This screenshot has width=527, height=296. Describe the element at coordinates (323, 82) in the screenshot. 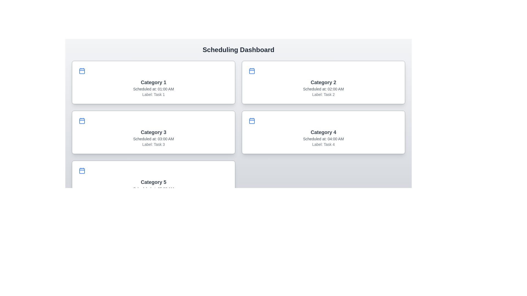

I see `text label that serves as a header for the card located in the upper-right section of the interface, specifically the second card from the top in a grid layout` at that location.